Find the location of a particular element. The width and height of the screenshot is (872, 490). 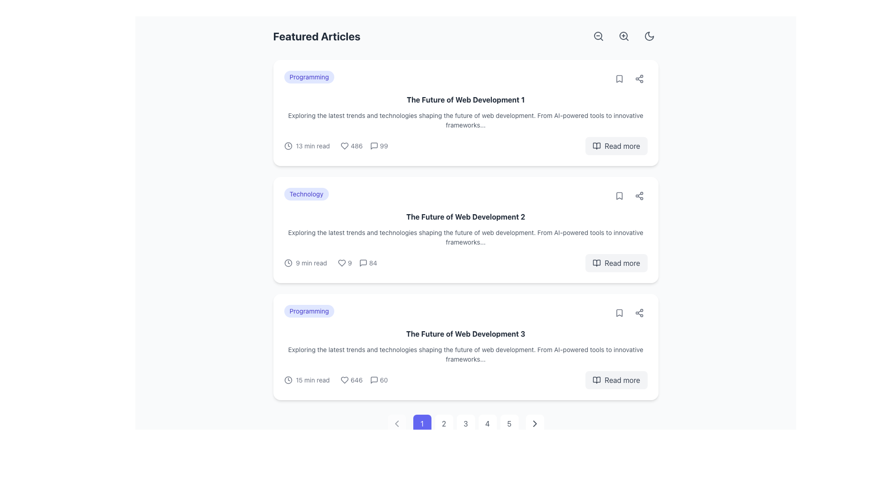

the bookmark-shaped icon located on the right side of the bottom card in the vertically stacked list is located at coordinates (619, 313).